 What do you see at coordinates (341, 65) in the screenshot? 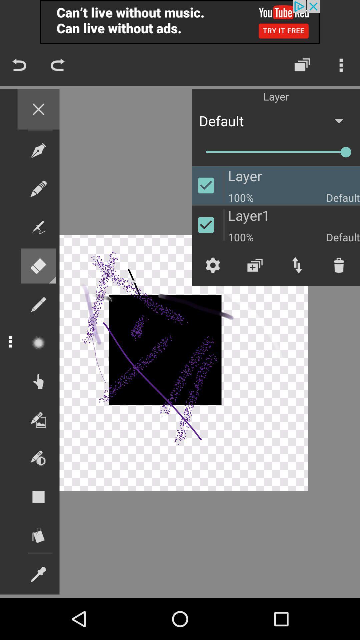
I see `the more icon` at bounding box center [341, 65].